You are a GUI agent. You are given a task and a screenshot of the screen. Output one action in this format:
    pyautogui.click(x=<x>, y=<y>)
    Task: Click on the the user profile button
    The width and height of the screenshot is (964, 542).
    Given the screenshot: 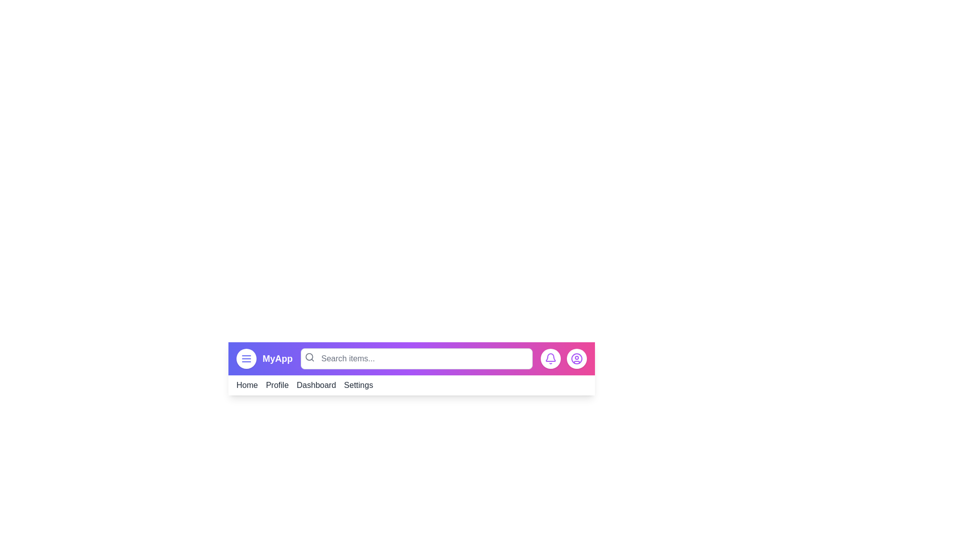 What is the action you would take?
    pyautogui.click(x=576, y=358)
    